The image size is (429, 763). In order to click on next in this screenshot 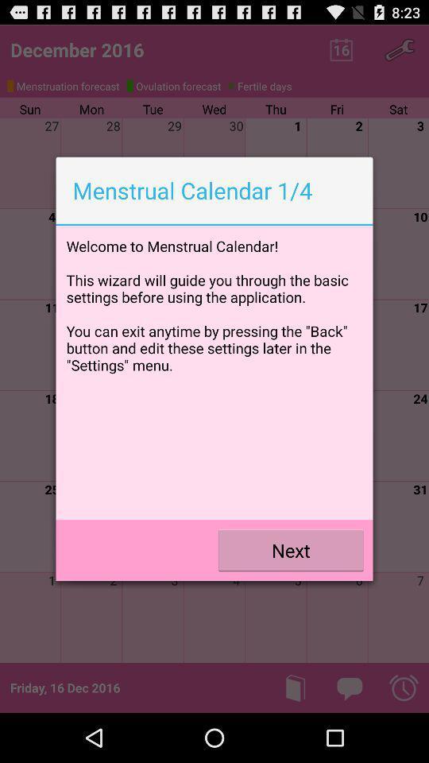, I will do `click(290, 550)`.